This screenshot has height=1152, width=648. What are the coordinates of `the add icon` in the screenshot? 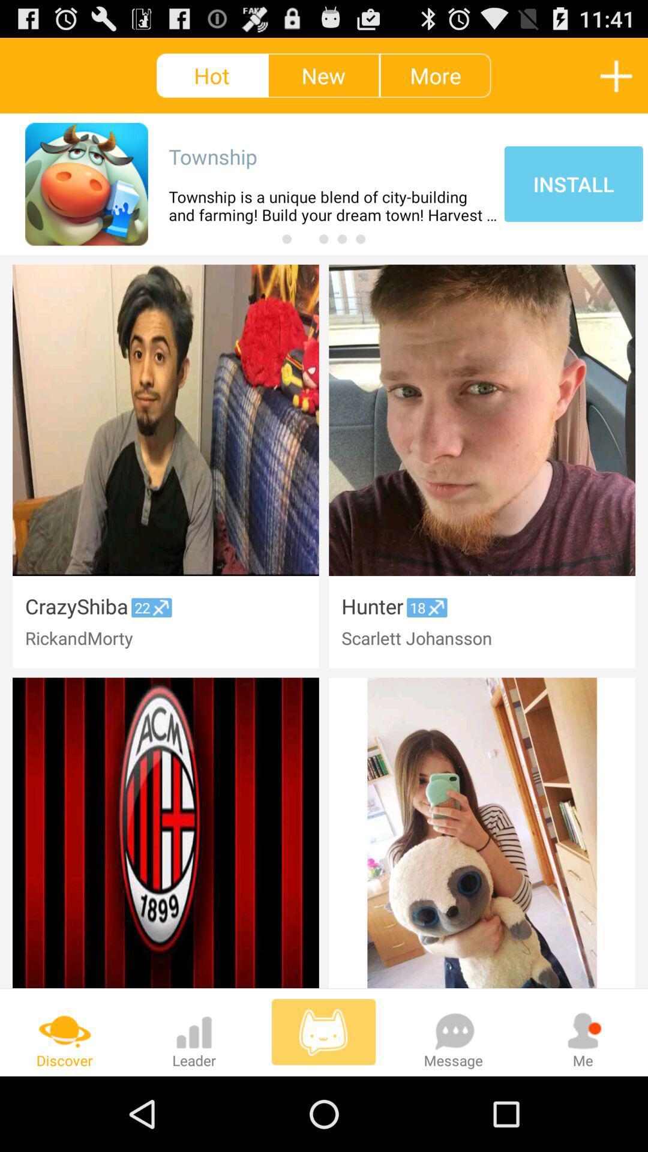 It's located at (616, 80).